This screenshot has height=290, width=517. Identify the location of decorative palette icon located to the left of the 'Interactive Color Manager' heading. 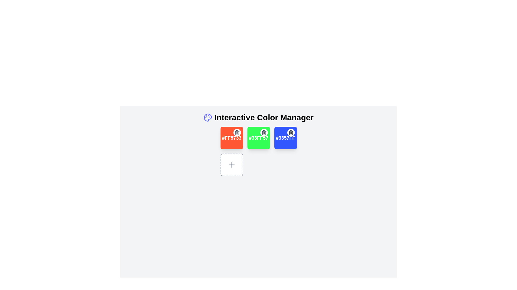
(208, 117).